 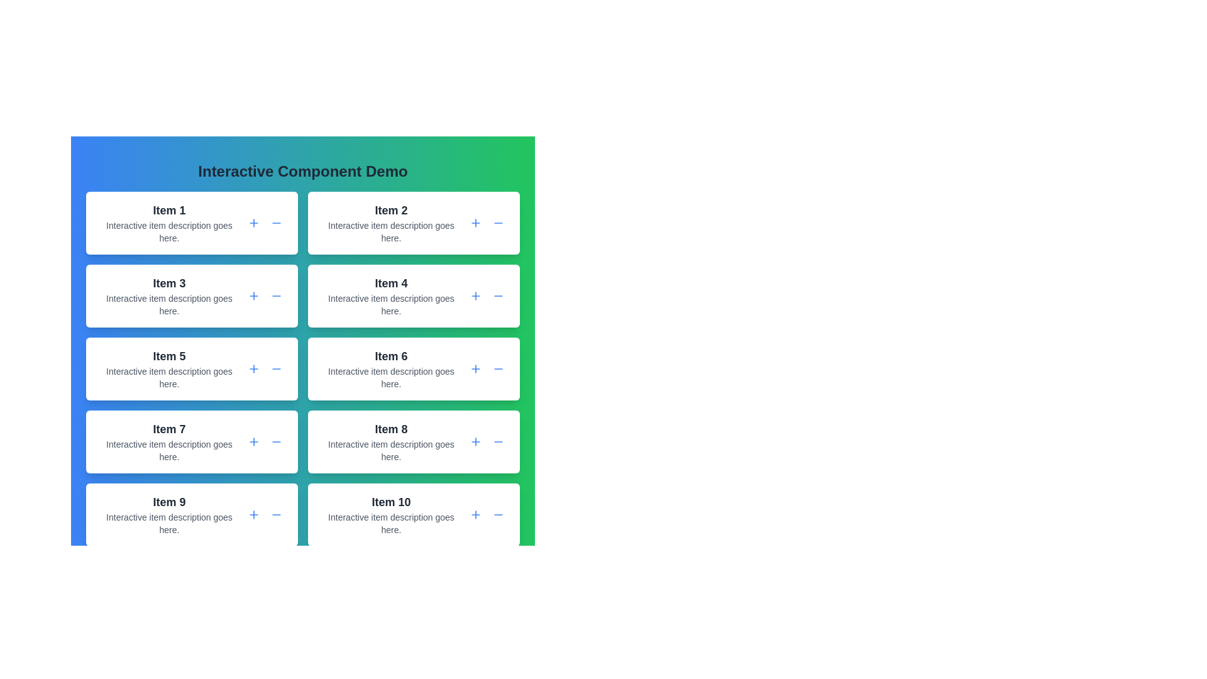 What do you see at coordinates (276, 441) in the screenshot?
I see `the circular minus icon representing a decrement operation in the 'Item 7' section to decrement the count associated with it` at bounding box center [276, 441].